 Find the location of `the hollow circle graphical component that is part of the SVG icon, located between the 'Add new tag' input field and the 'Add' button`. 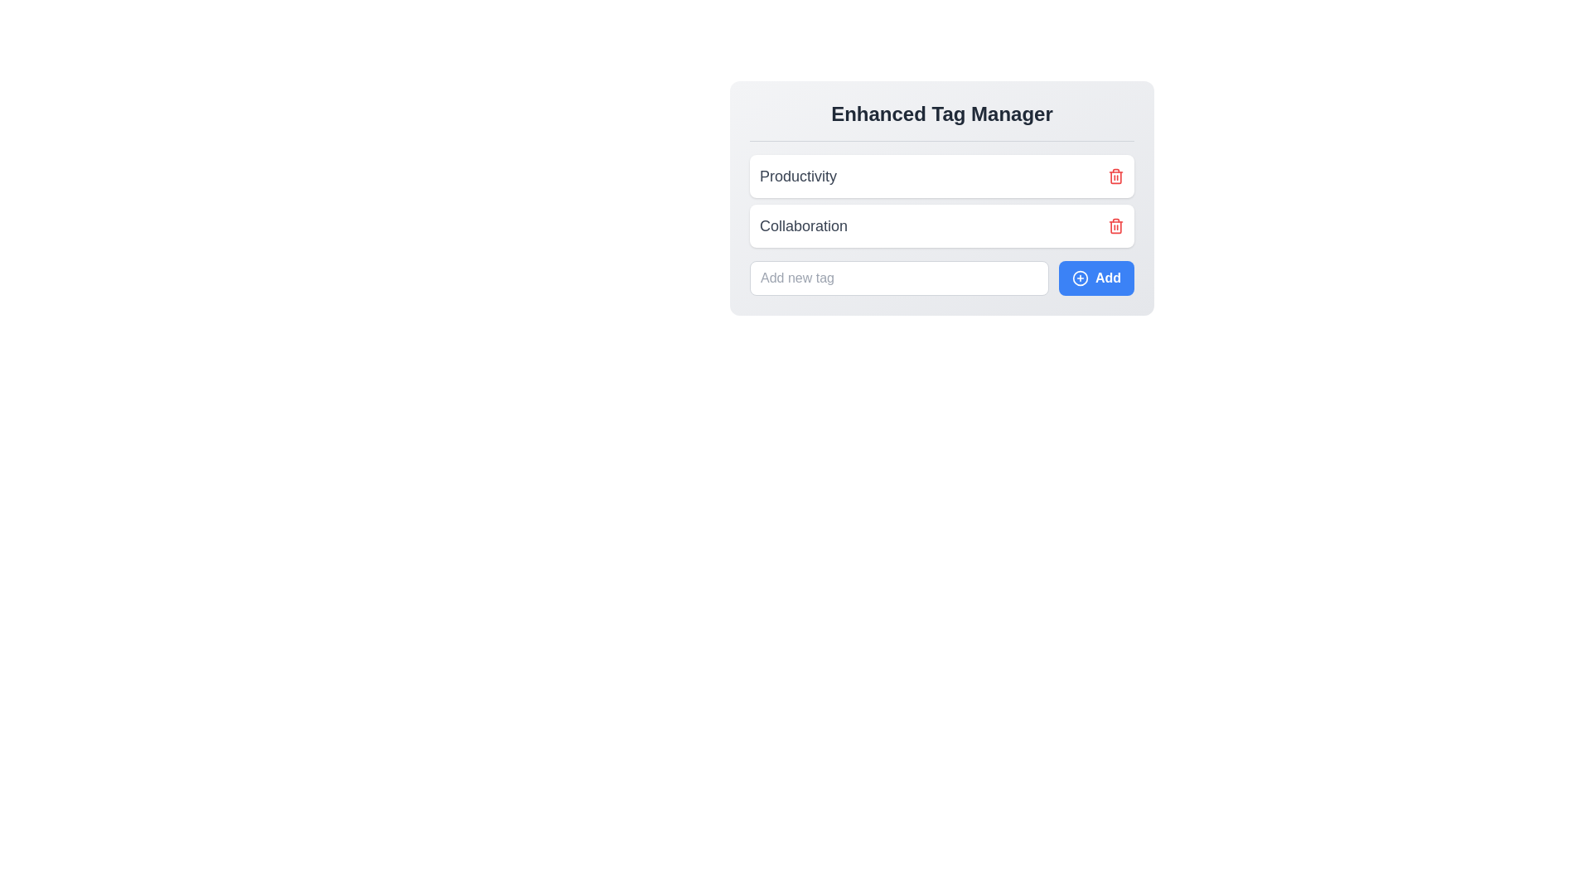

the hollow circle graphical component that is part of the SVG icon, located between the 'Add new tag' input field and the 'Add' button is located at coordinates (1080, 277).